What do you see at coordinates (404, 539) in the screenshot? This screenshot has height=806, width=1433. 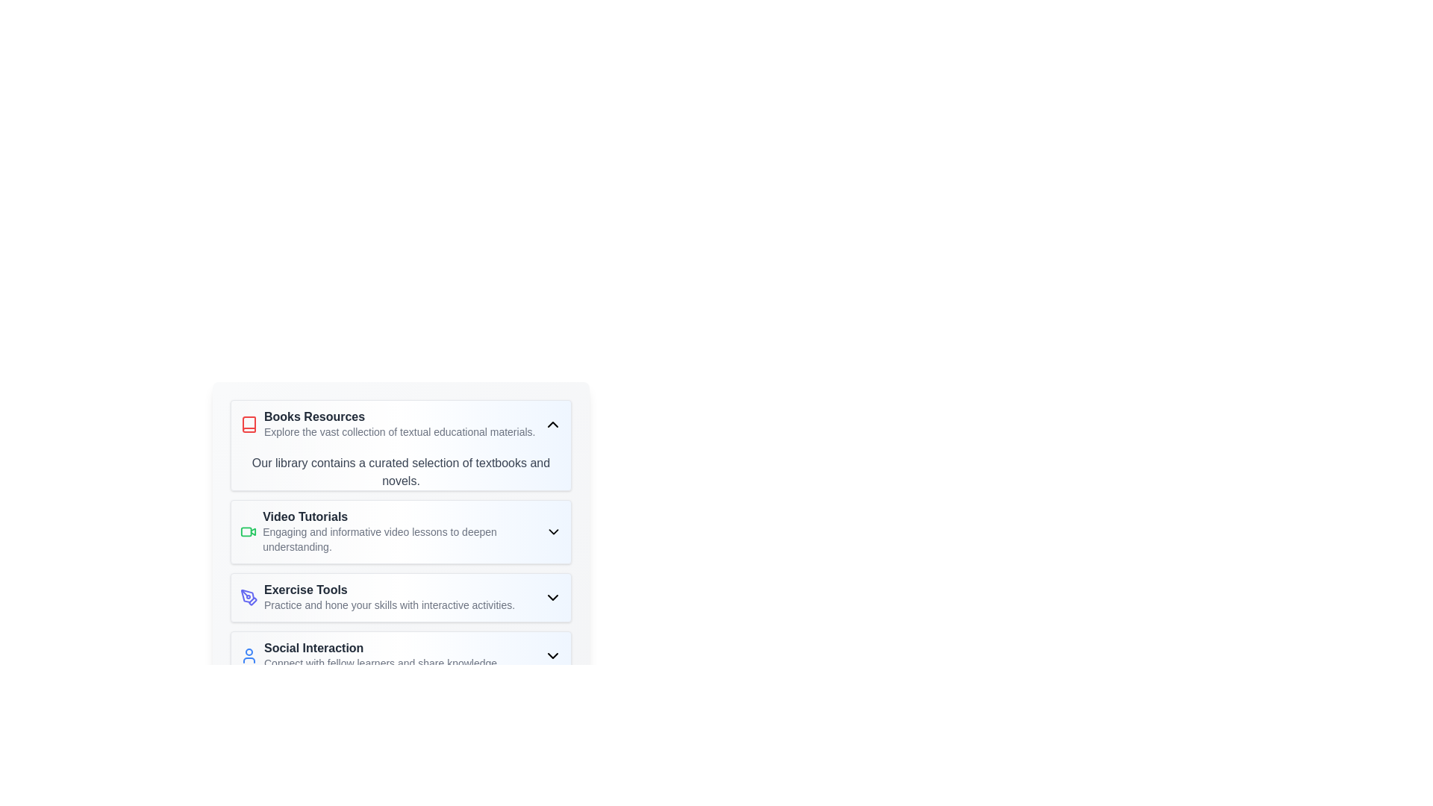 I see `descriptive text located directly below the bold 'Video Tutorials' title, which explains the purpose and content of the 'Video Tutorials' section` at bounding box center [404, 539].